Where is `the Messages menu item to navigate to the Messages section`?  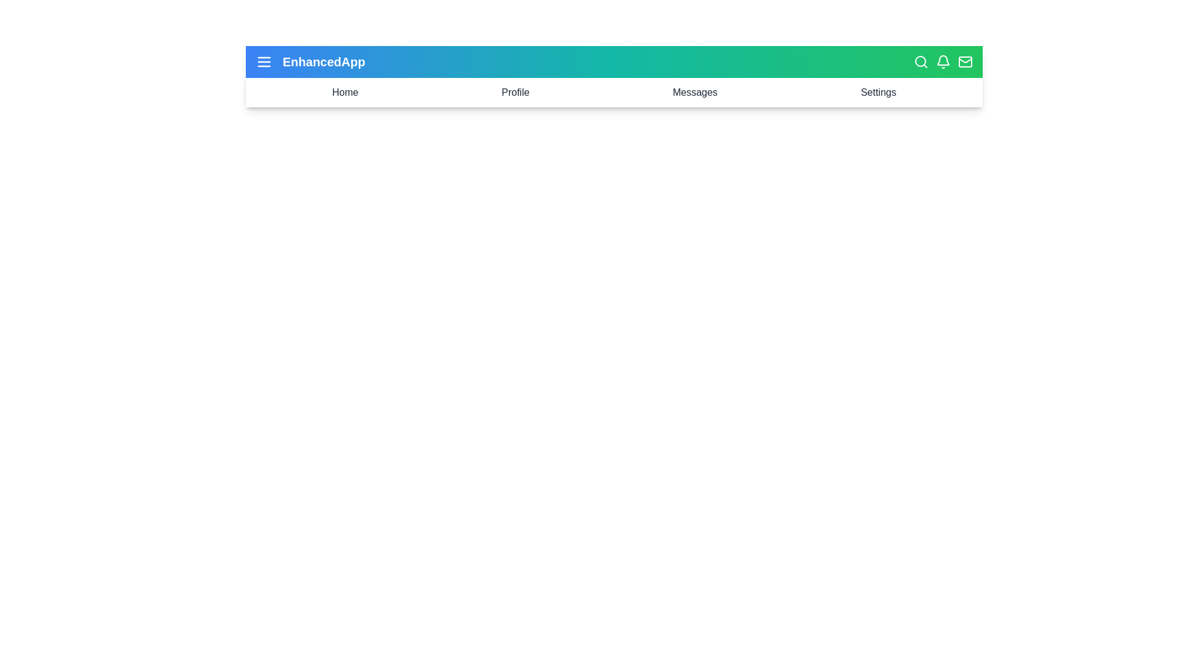 the Messages menu item to navigate to the Messages section is located at coordinates (695, 91).